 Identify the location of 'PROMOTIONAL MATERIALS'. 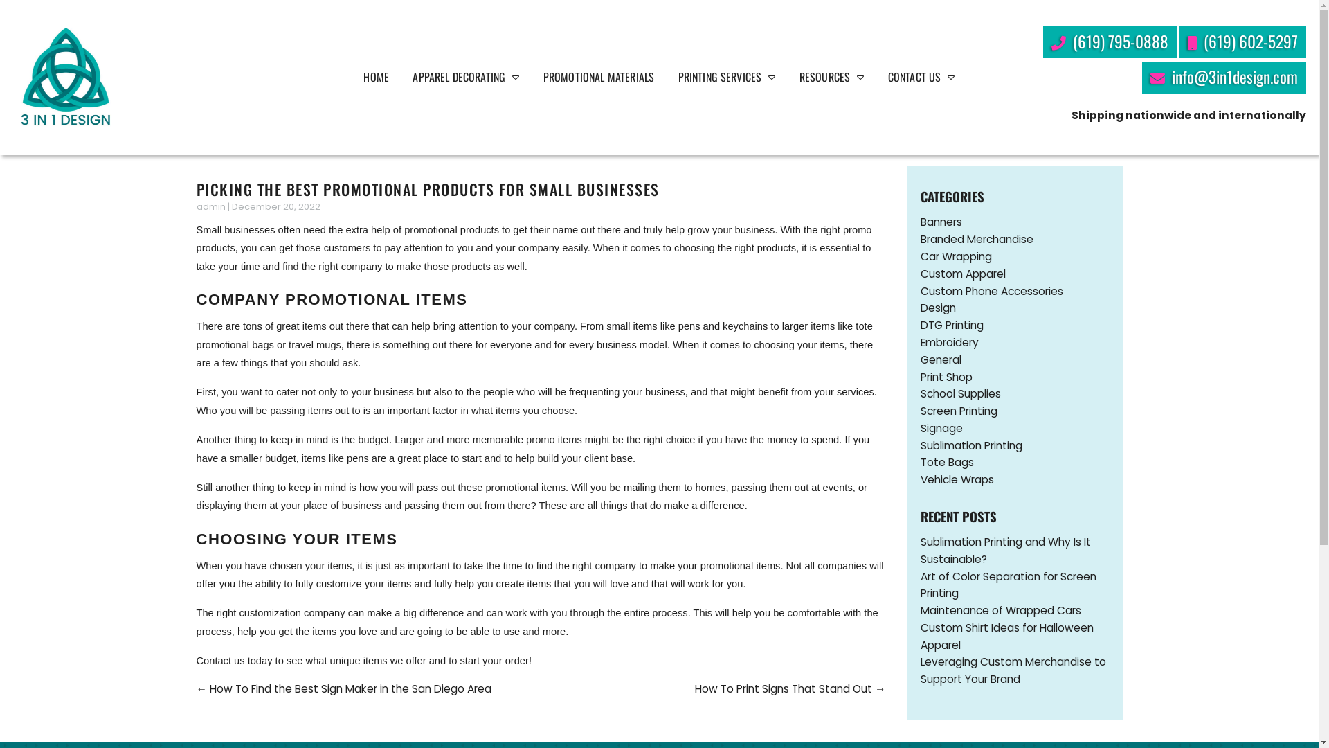
(598, 77).